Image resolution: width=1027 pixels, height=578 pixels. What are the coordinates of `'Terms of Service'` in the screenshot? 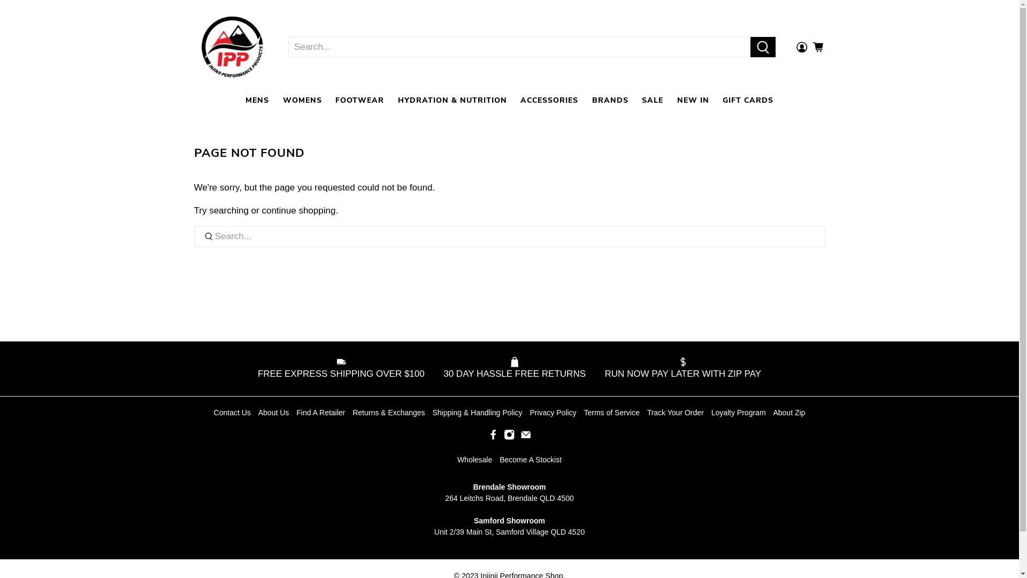 It's located at (611, 412).